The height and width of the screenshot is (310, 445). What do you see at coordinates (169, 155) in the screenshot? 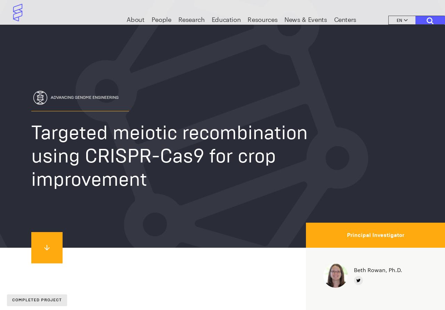
I see `'Targeted meiotic recombination using CRISPR-Cas9 for crop improvement'` at bounding box center [169, 155].